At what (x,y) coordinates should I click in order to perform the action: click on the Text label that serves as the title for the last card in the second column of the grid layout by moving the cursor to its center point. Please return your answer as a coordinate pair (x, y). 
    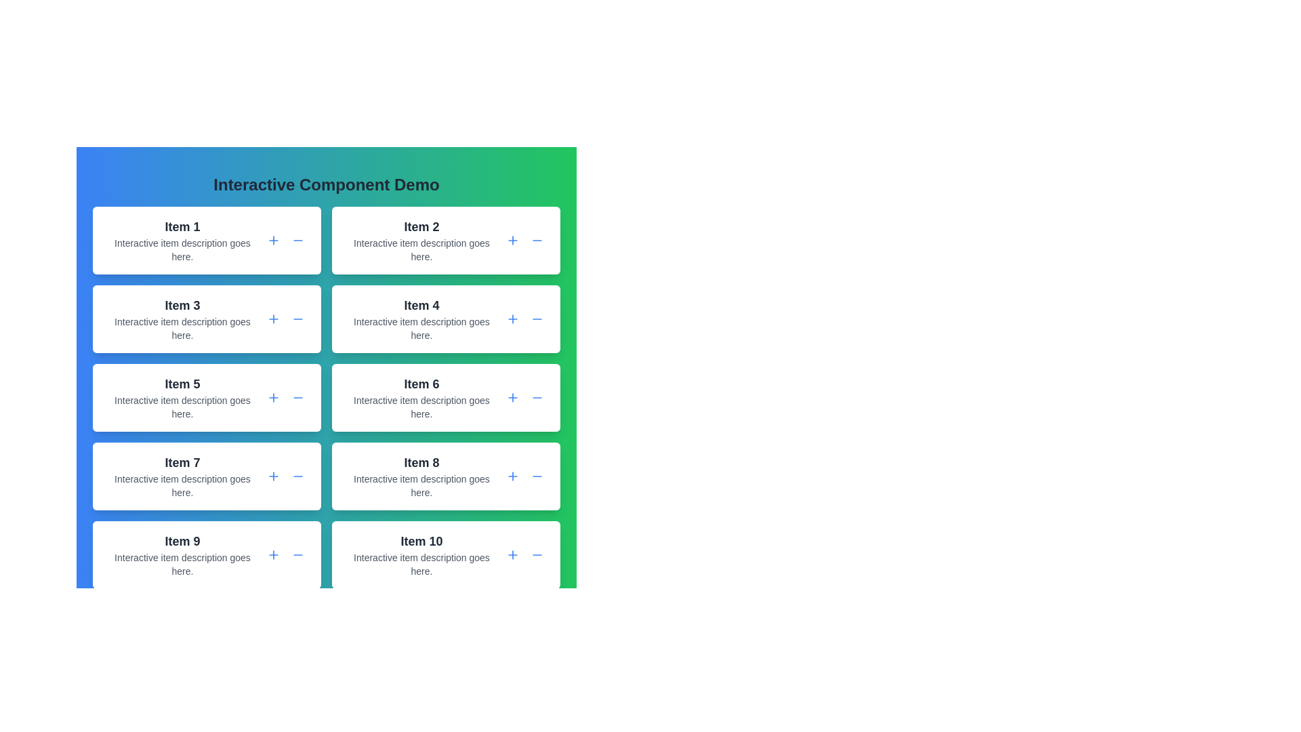
    Looking at the image, I should click on (421, 540).